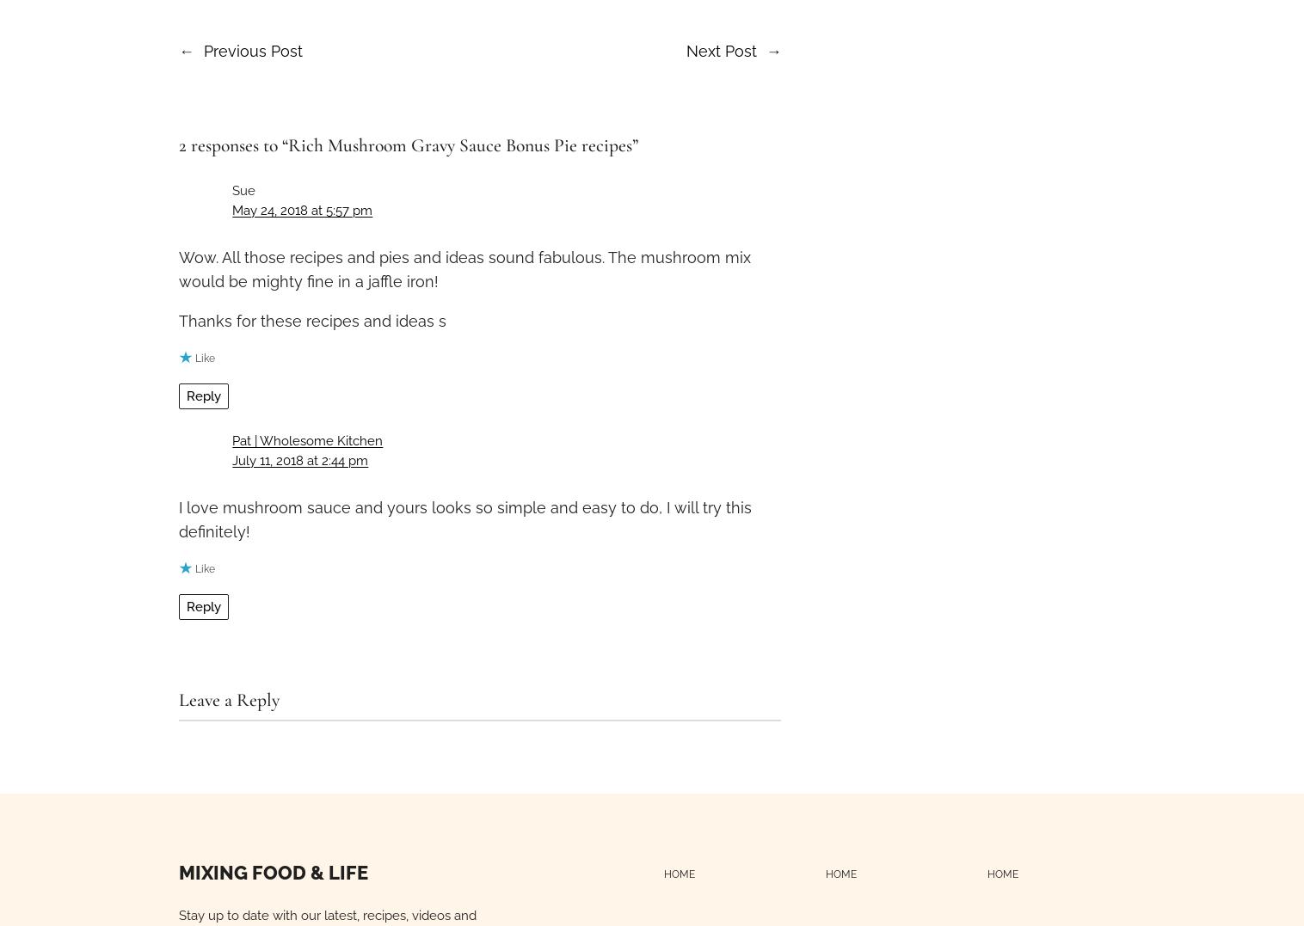 This screenshot has height=926, width=1304. Describe the element at coordinates (229, 699) in the screenshot. I see `'Leave a Reply'` at that location.